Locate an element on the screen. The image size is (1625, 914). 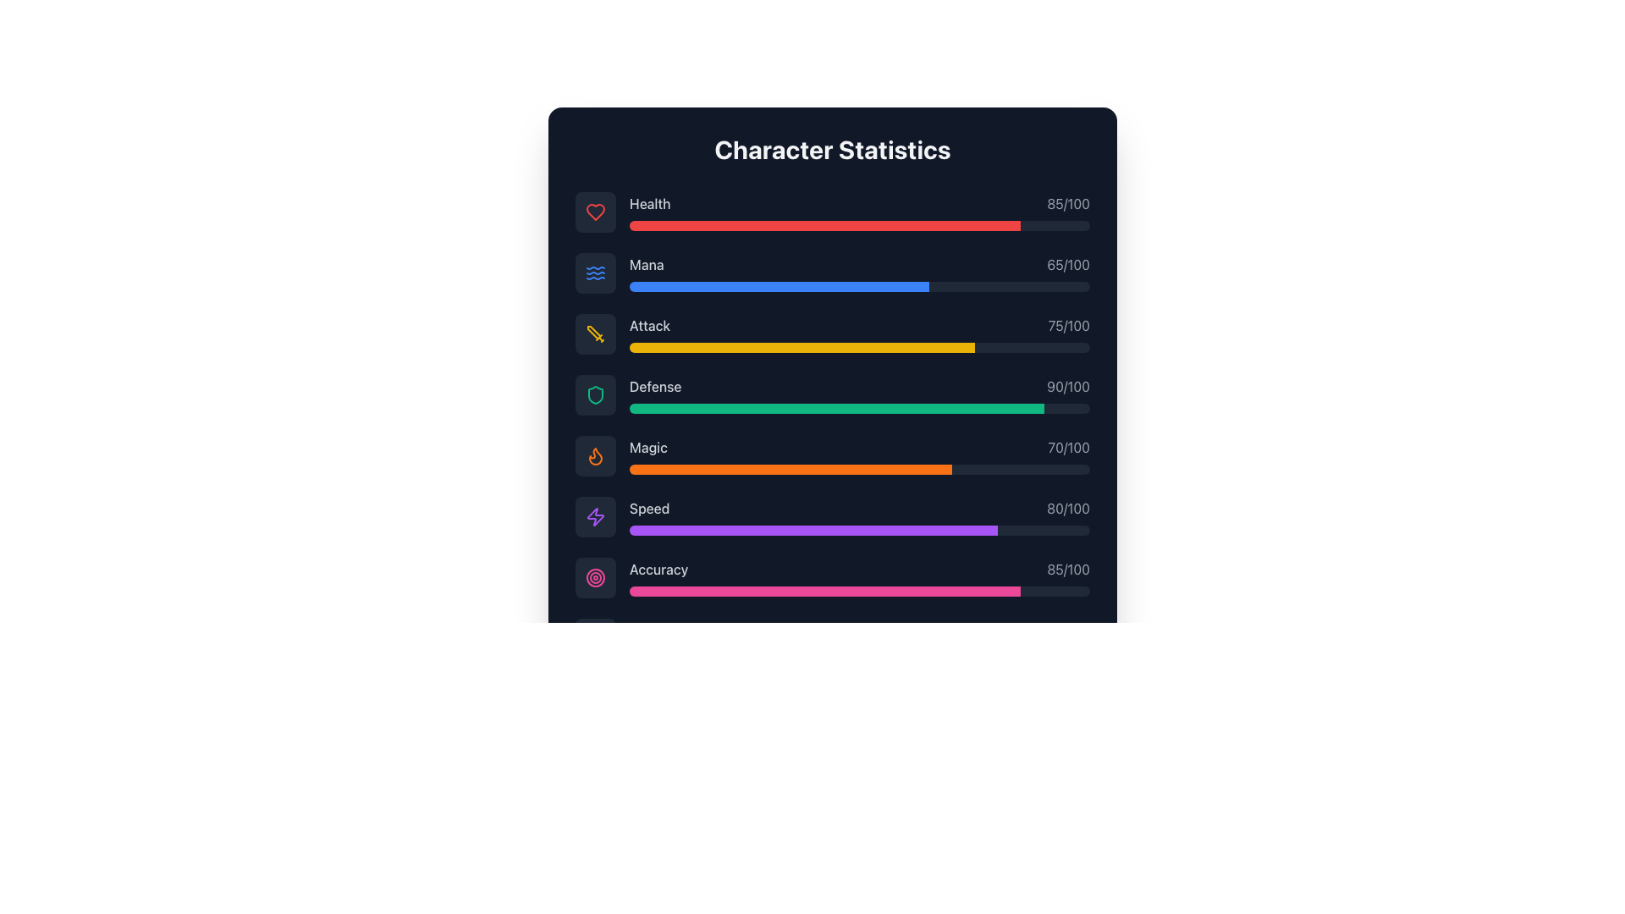
the 'Health' progress bar element, which visually represents the character's health statistic in the 'Character Statistics' interface is located at coordinates (860, 211).